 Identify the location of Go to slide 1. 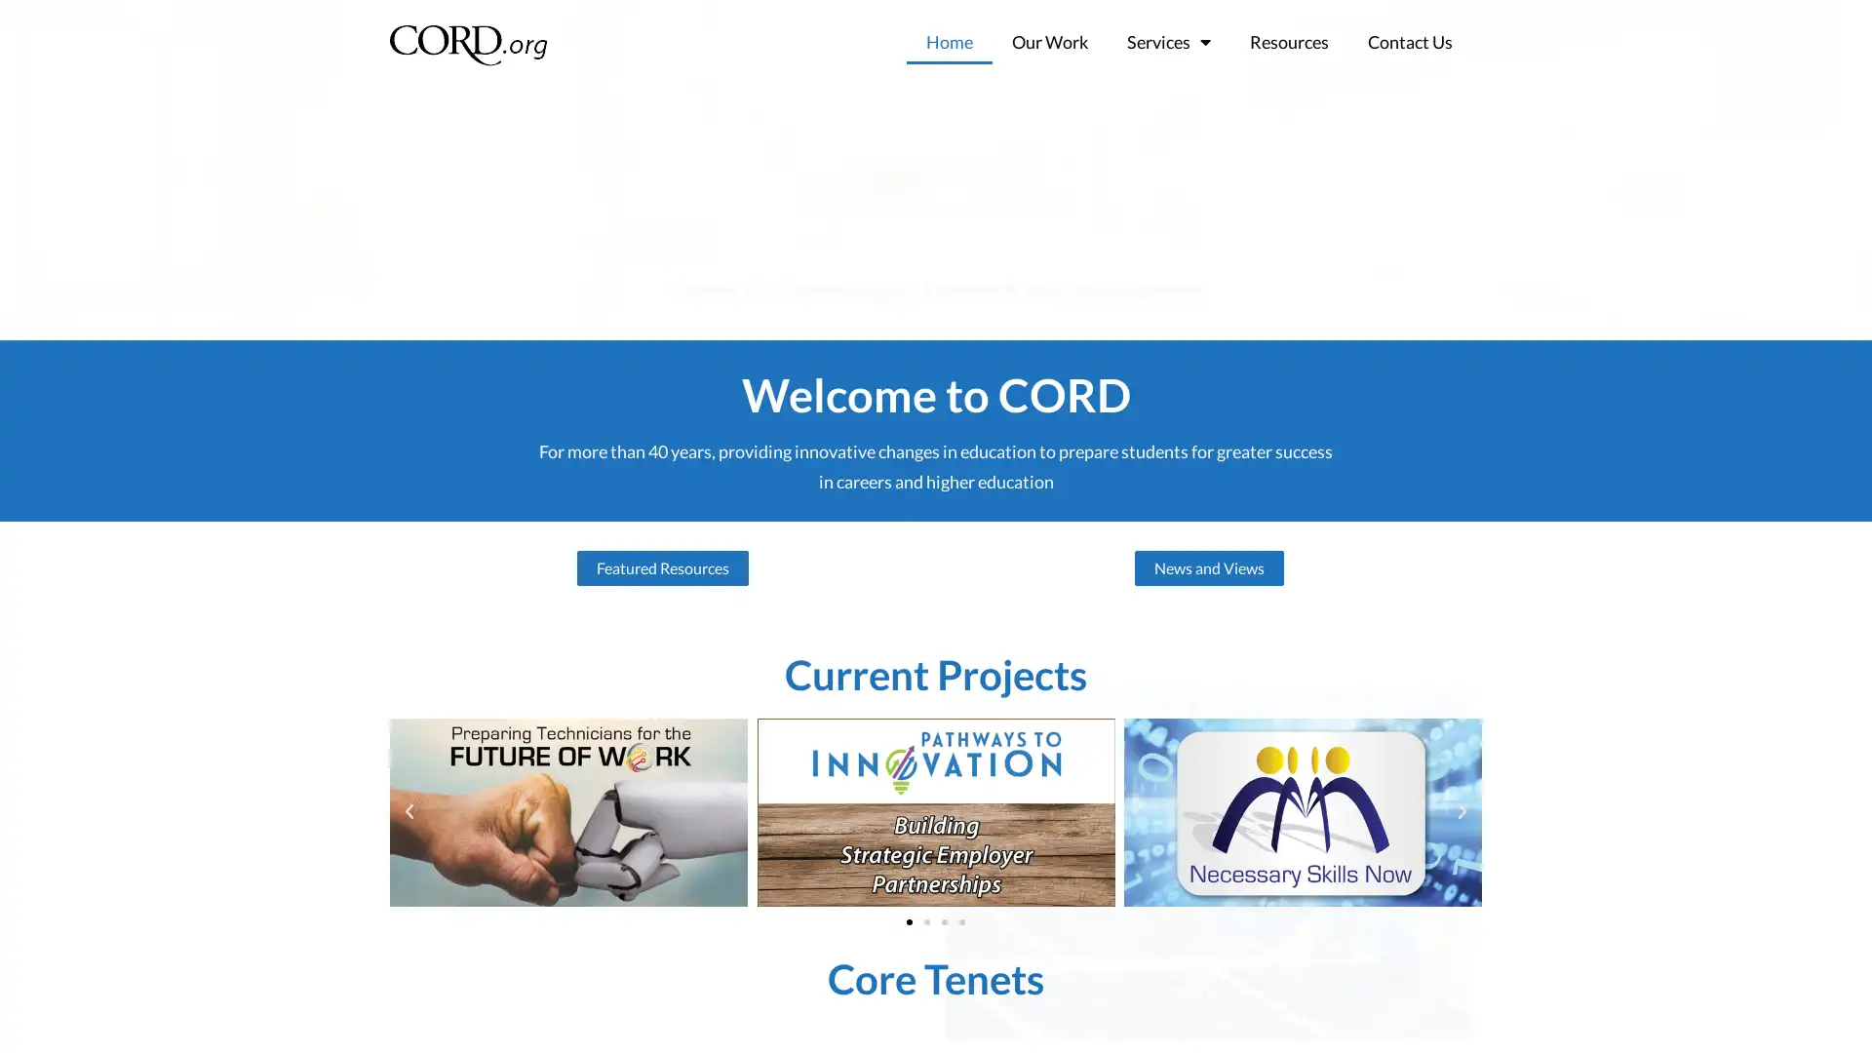
(908, 921).